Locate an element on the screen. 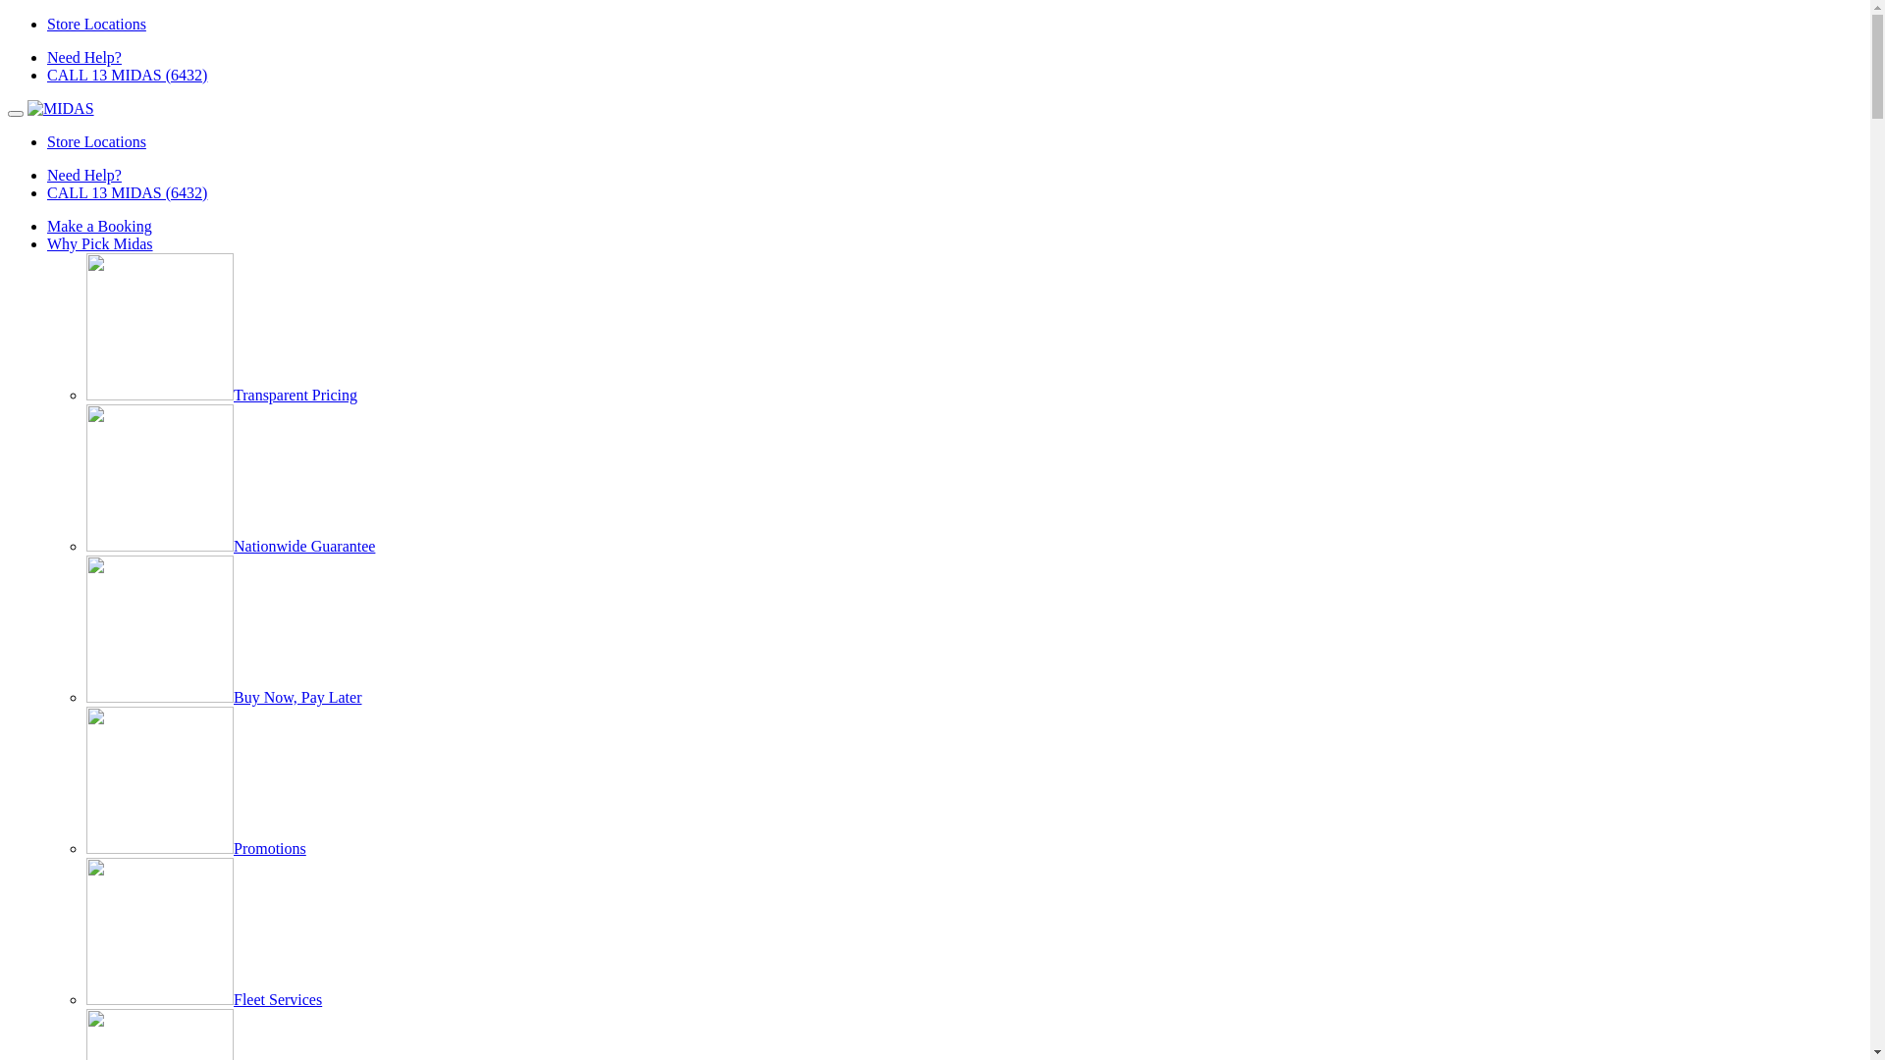  'Store Locations' is located at coordinates (95, 140).